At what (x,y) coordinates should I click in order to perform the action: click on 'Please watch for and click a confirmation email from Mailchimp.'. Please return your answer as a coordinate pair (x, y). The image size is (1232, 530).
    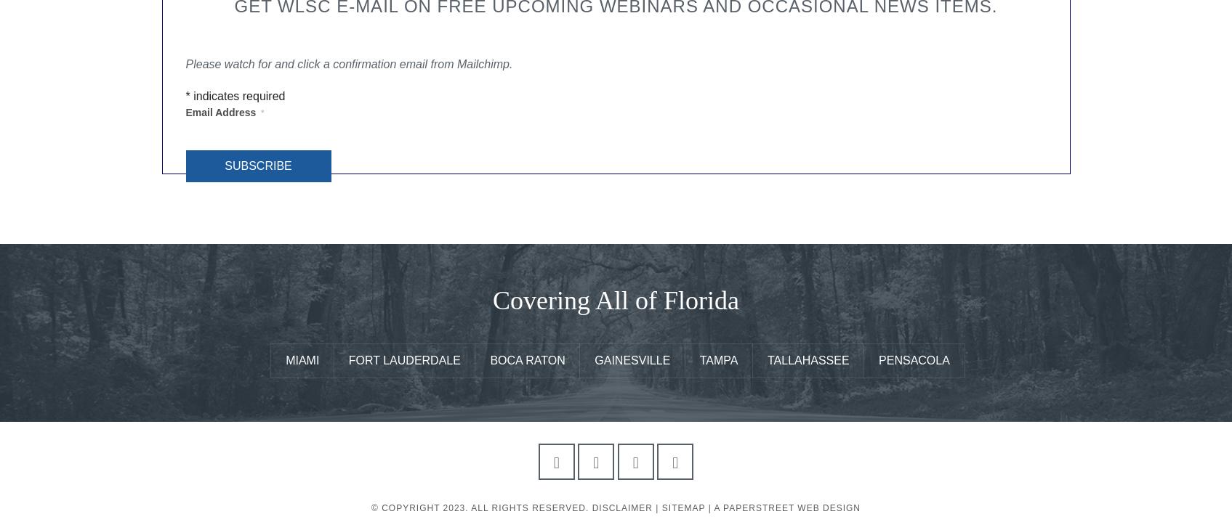
    Looking at the image, I should click on (348, 62).